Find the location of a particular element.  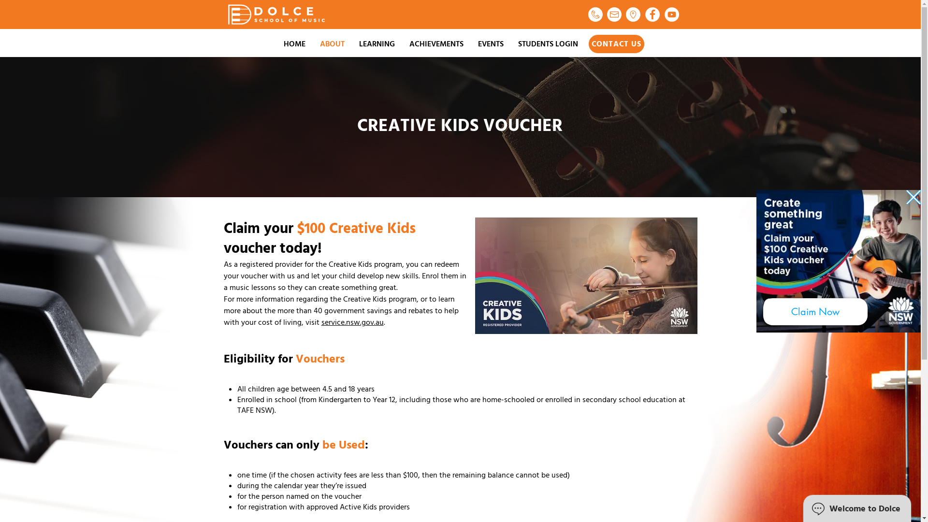

'service.nsw.gov.au' is located at coordinates (351, 322).